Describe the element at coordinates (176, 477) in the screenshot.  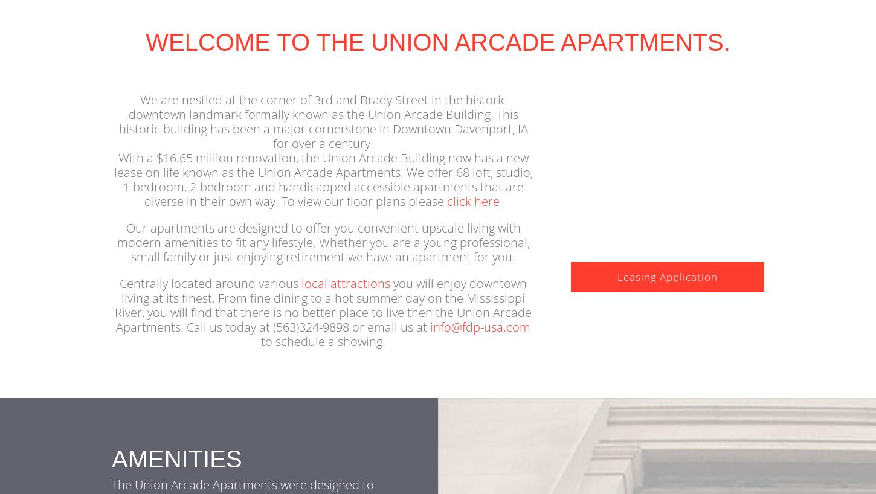
I see `'Amenities'` at that location.